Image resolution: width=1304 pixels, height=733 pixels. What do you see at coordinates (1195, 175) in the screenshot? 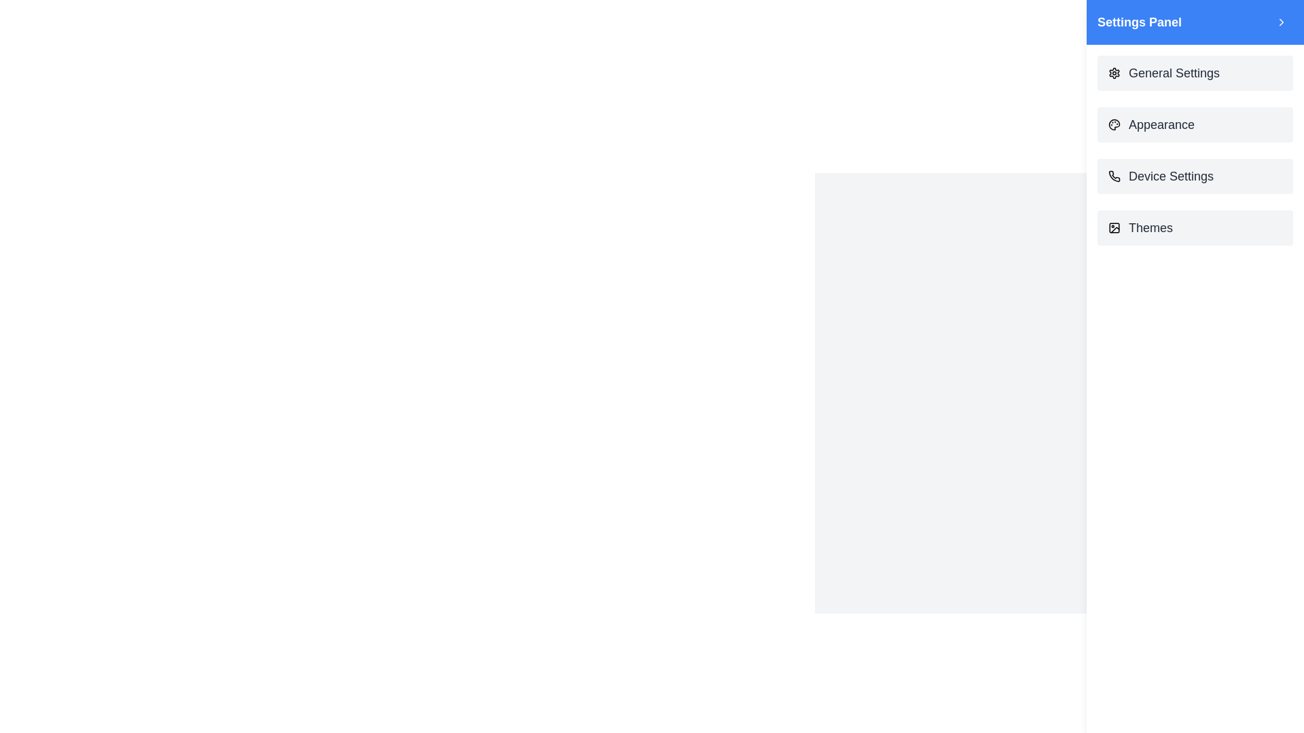
I see `the 'Device Settings' button, which is the third button in the vertical list under the 'Settings Panel', positioned between the 'Appearance' and 'Themes' buttons, to change its background color` at bounding box center [1195, 175].